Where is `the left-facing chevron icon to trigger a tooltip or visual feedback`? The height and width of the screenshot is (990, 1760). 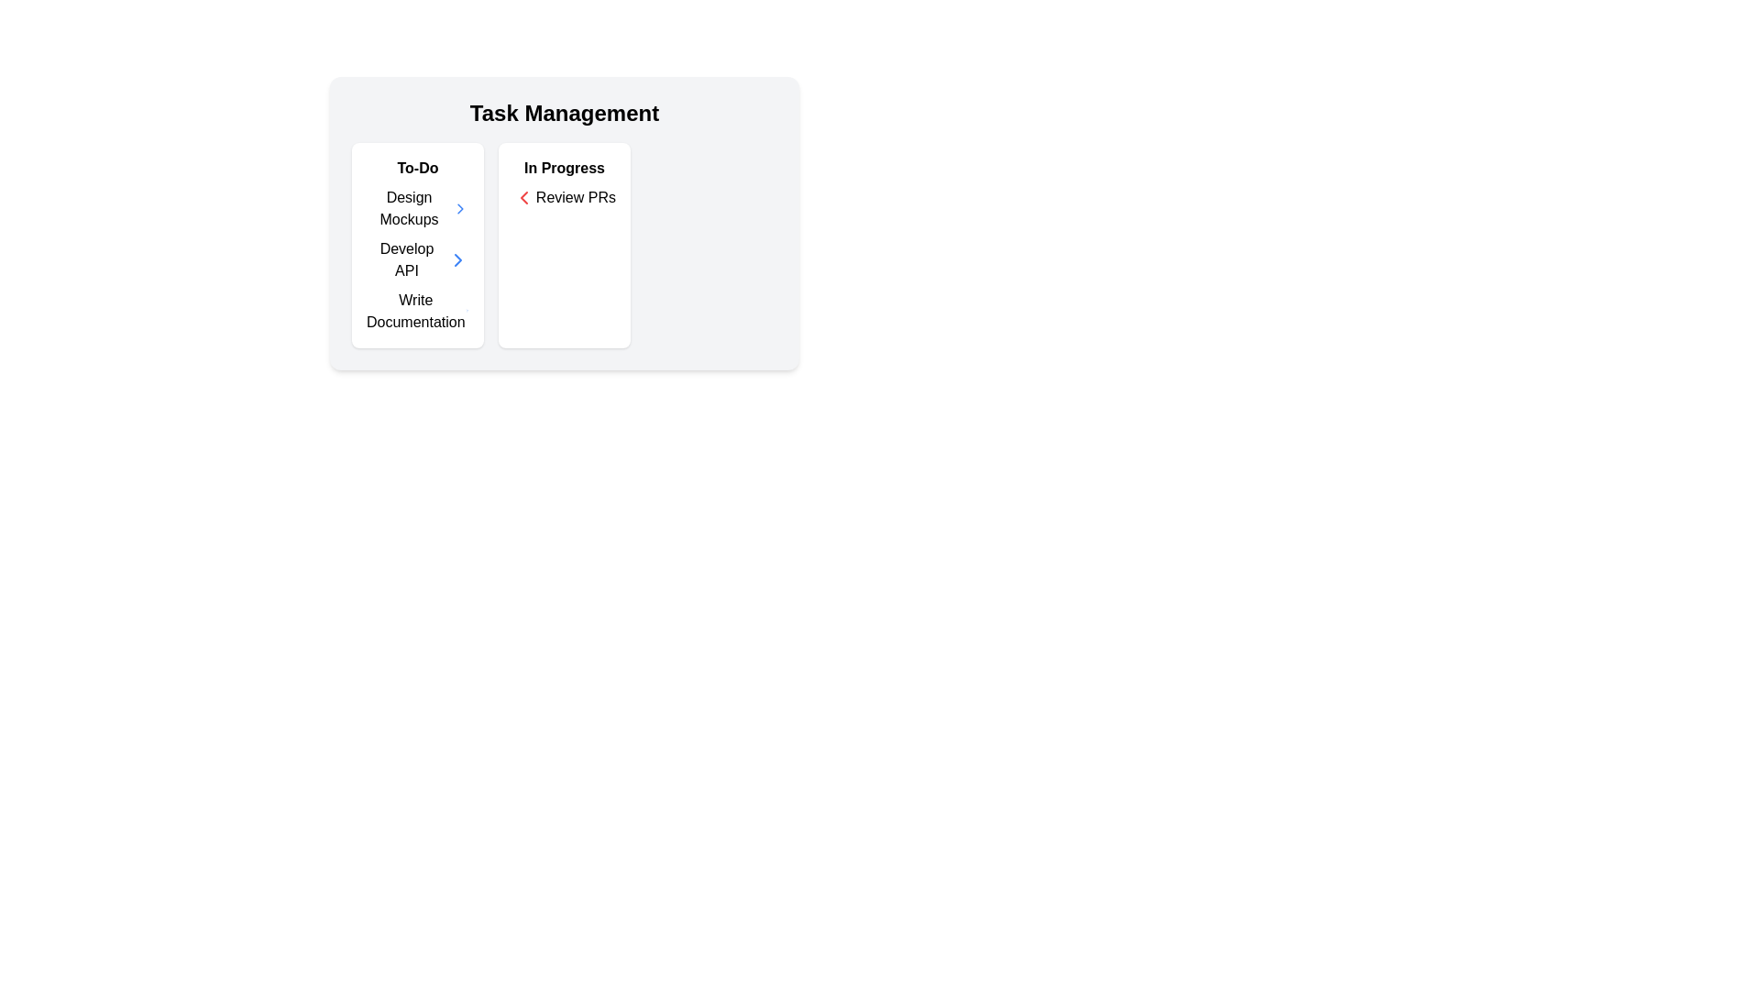 the left-facing chevron icon to trigger a tooltip or visual feedback is located at coordinates (522, 198).